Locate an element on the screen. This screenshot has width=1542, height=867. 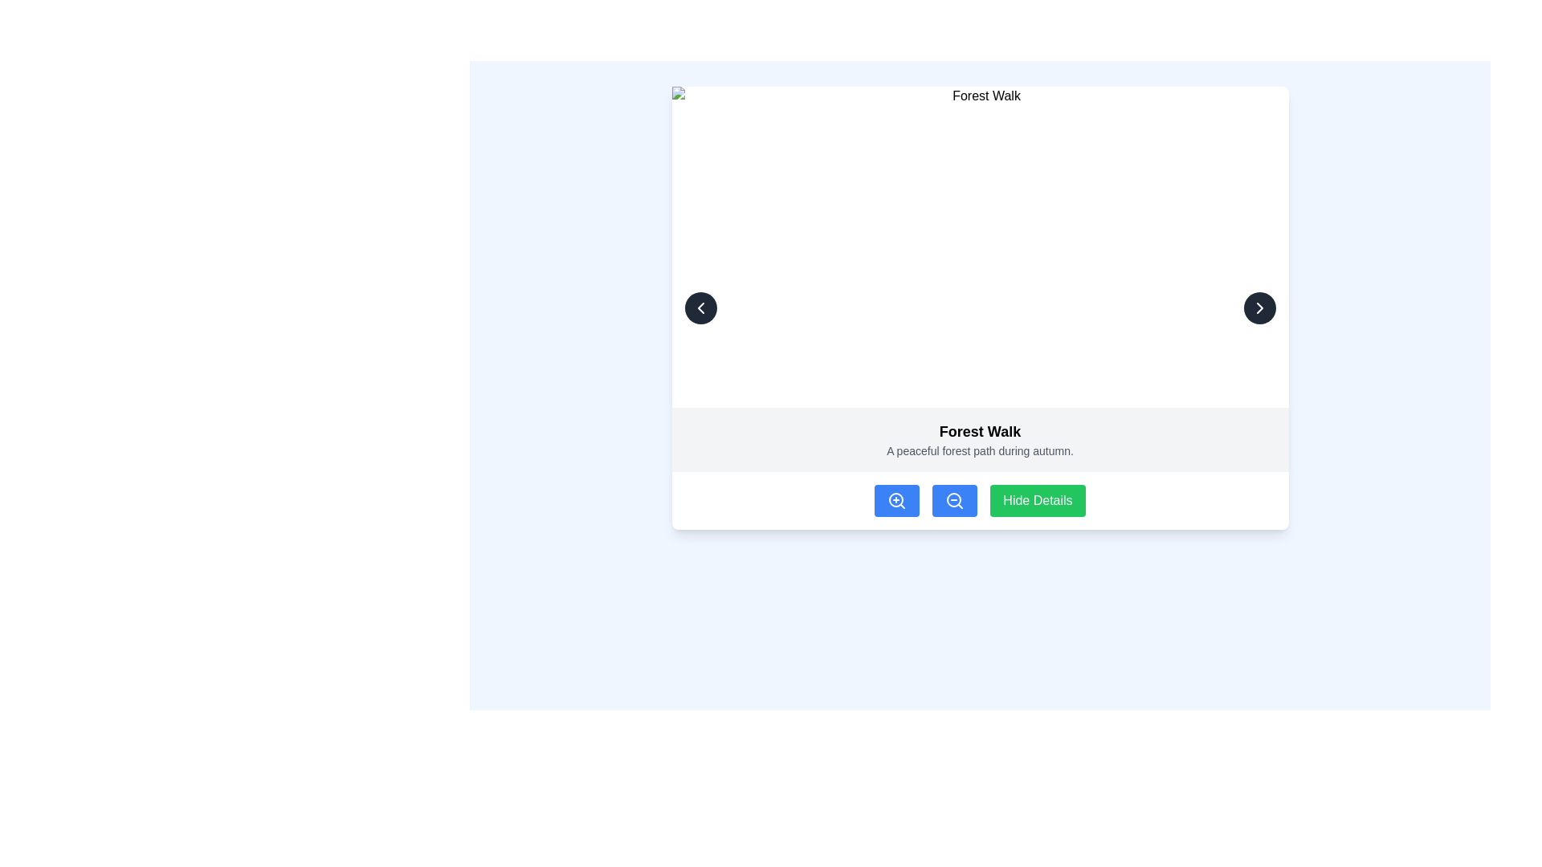
the rounded rectangular blue button with a white magnifying glass icon, which is the second button in a row of three at the bottom of the card labeled 'Hide Details' is located at coordinates (955, 500).